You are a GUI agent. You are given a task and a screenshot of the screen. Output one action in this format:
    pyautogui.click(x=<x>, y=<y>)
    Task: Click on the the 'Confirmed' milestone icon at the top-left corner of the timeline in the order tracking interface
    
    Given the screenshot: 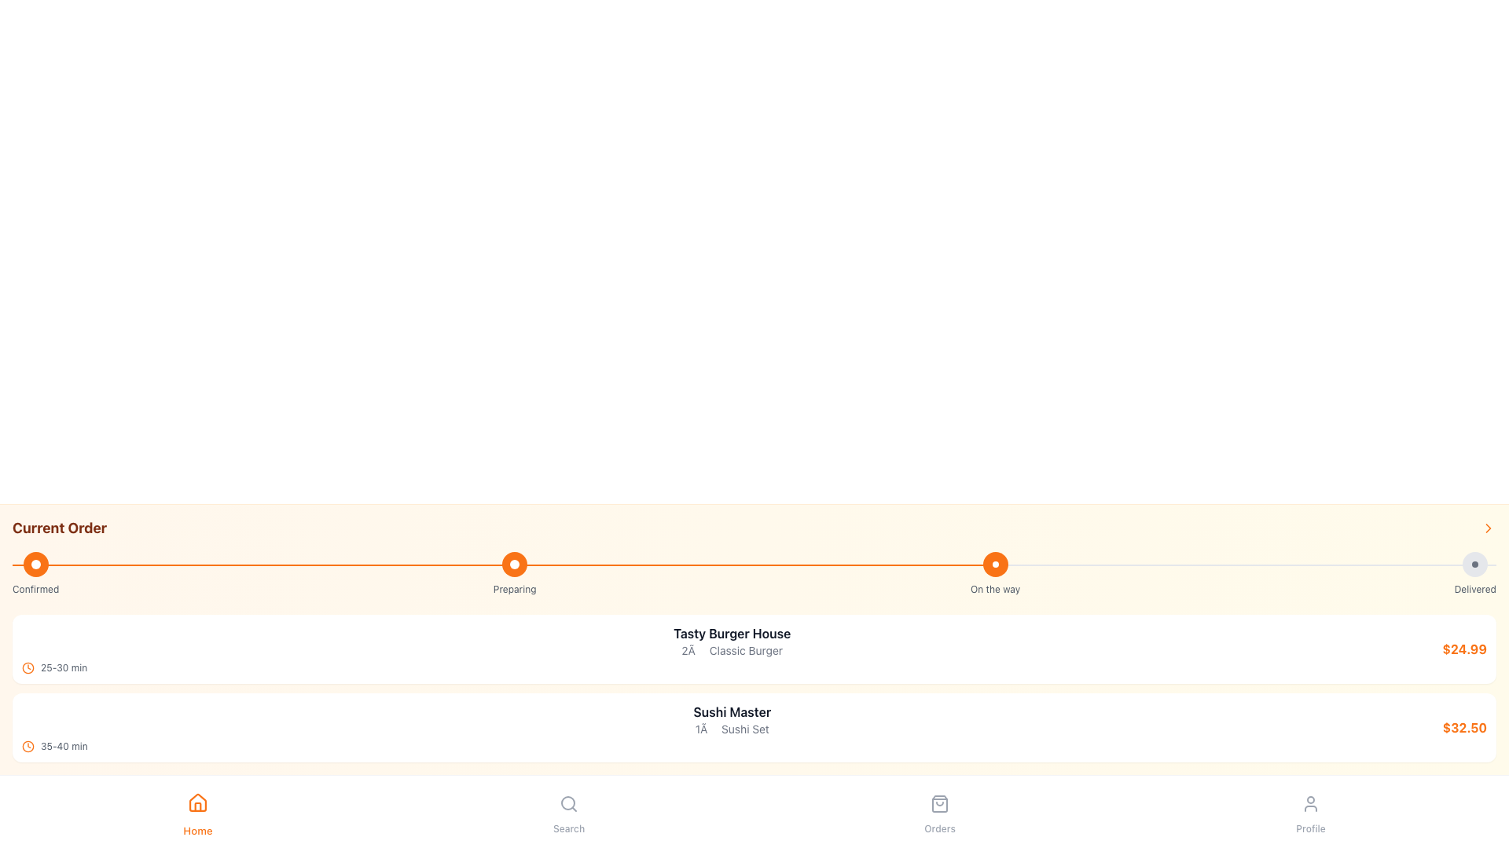 What is the action you would take?
    pyautogui.click(x=35, y=563)
    